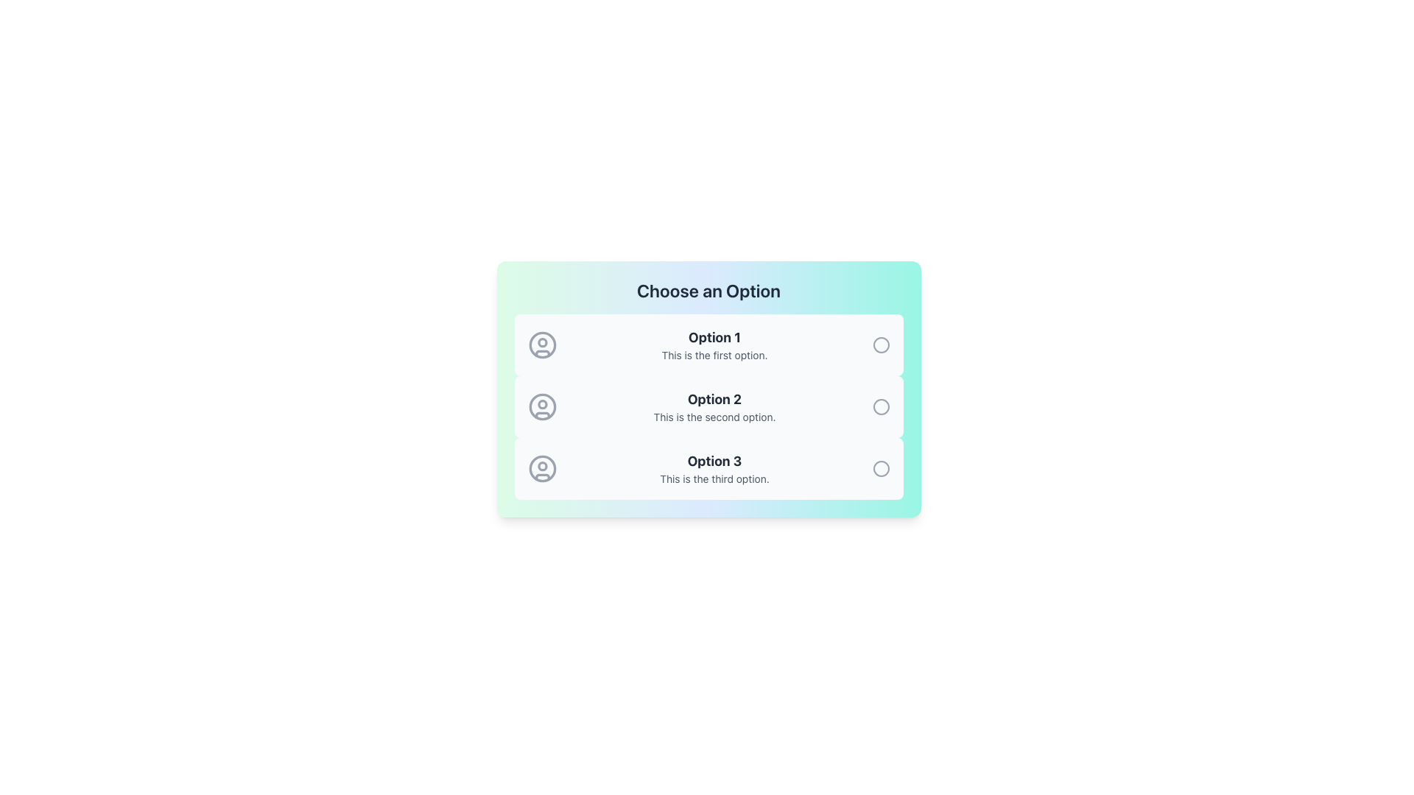 The image size is (1414, 795). What do you see at coordinates (881, 406) in the screenshot?
I see `the radio button for 'Option 2'` at bounding box center [881, 406].